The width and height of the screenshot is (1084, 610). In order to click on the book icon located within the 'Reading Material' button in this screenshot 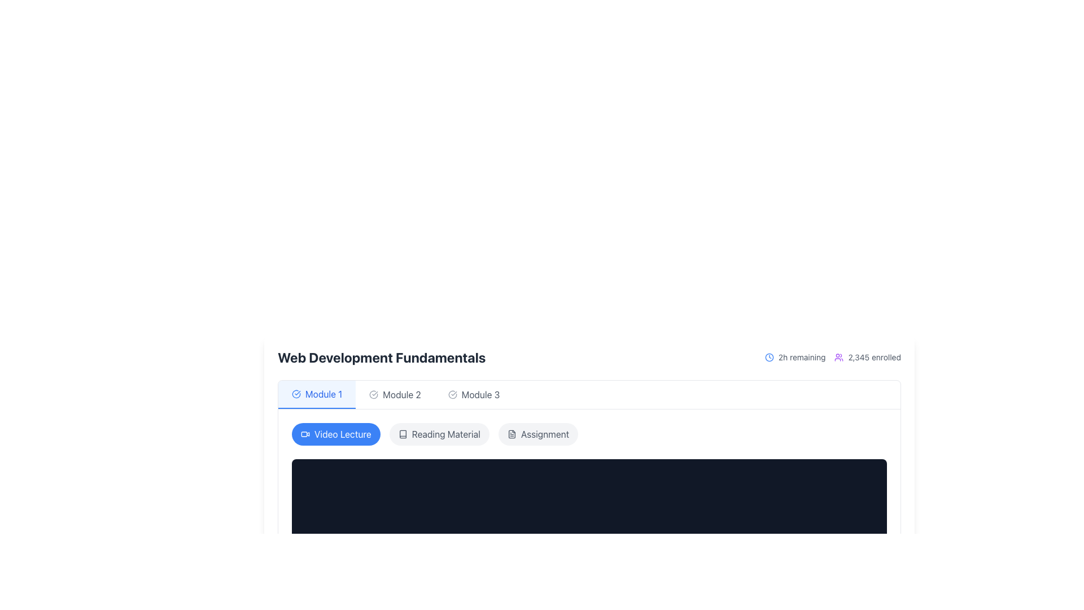, I will do `click(403, 433)`.